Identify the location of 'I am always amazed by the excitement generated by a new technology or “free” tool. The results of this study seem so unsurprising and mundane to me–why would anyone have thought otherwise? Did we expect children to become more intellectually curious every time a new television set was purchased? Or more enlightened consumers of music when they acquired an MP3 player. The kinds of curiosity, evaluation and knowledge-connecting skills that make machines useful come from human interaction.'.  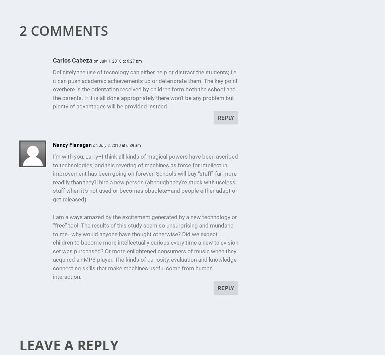
(145, 247).